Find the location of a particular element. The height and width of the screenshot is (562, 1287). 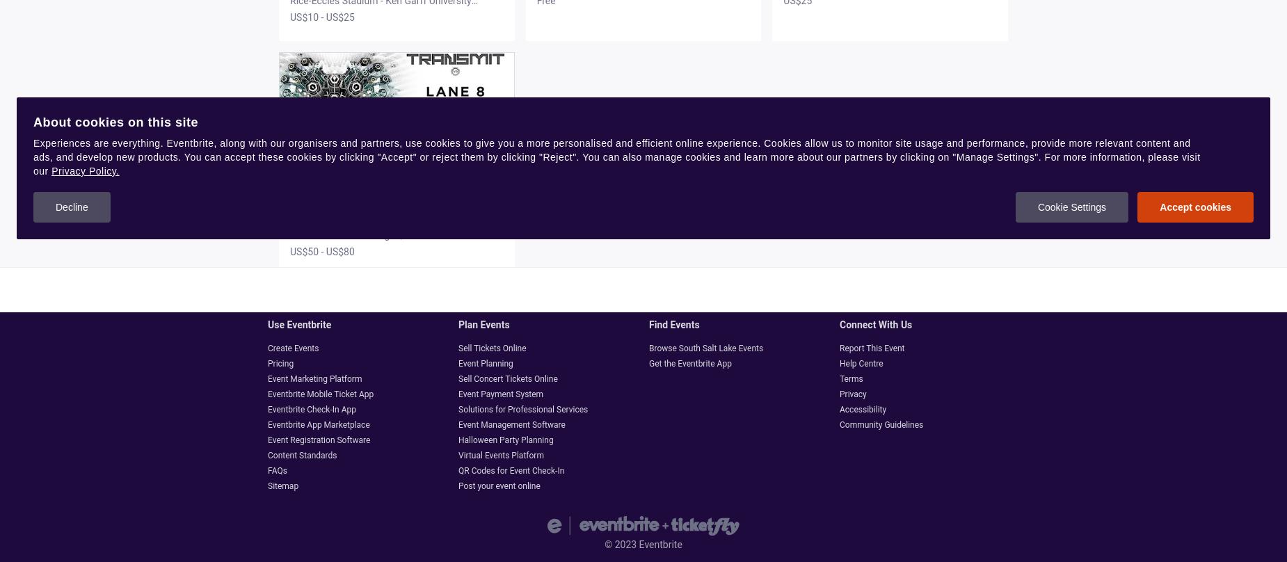

'Experiences are everything. Eventbrite, along with our organisers and partners, use cookies to give you a more personalised and efficient online experience. Cookies allow us to monitor site usage and performance, provide more relevant content and ads, and develop new products. You can accept these cookies by clicking "Accept" or reject them by clicking "Reject". You can also manage cookies and learn more about our partners by clicking on "Manage Settings".  For more information, please visit our' is located at coordinates (616, 156).